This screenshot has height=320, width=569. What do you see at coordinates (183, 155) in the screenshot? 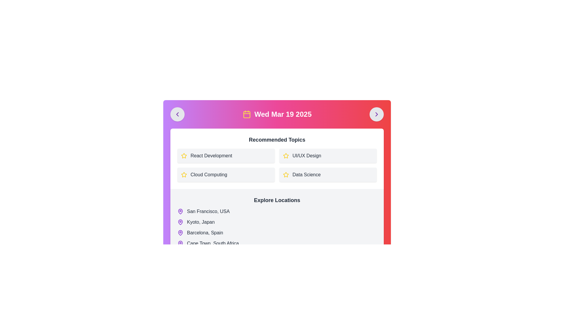
I see `the first star icon located to the left of the 'React Development' text in the recommended topics grid` at bounding box center [183, 155].